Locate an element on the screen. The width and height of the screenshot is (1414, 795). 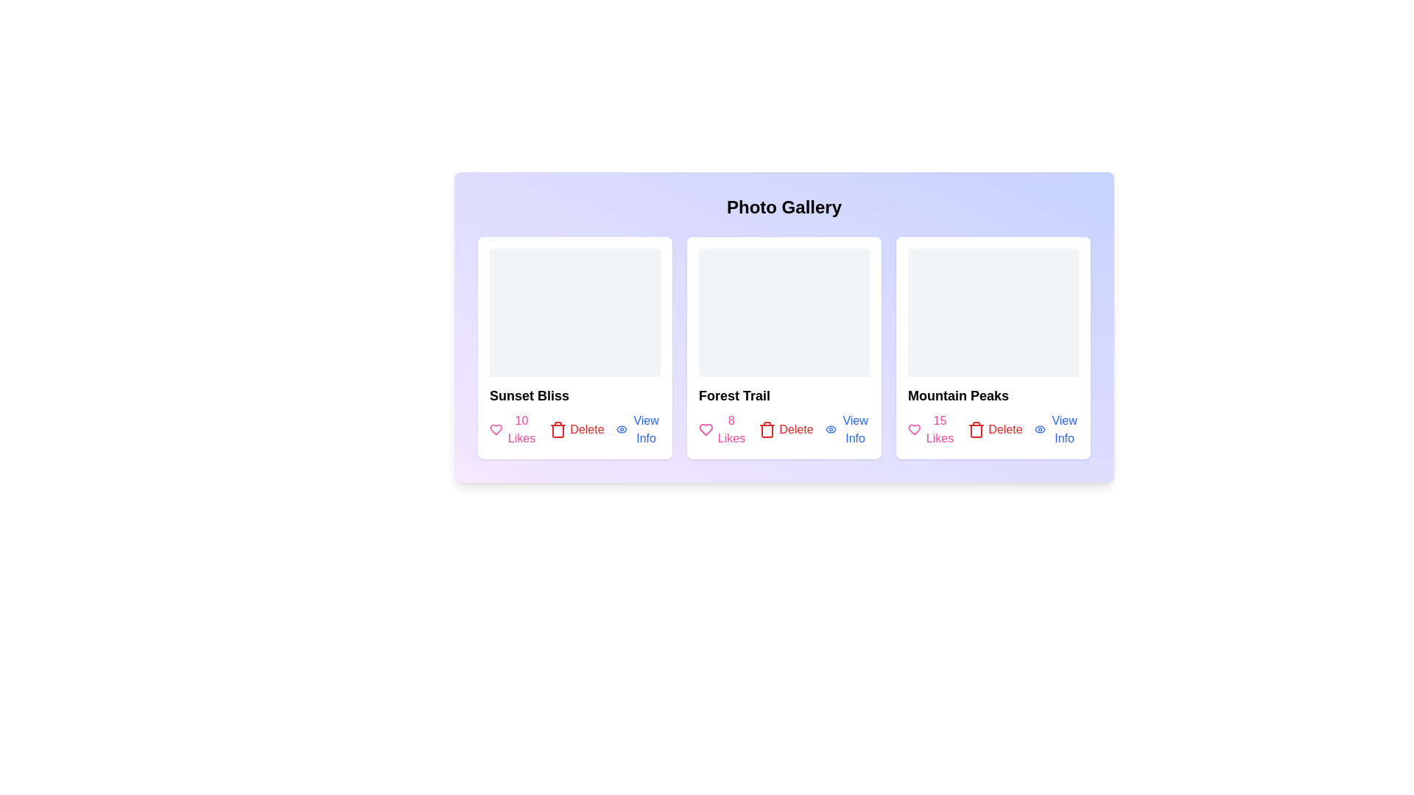
the title of the photo Sunset Bliss is located at coordinates (530, 395).